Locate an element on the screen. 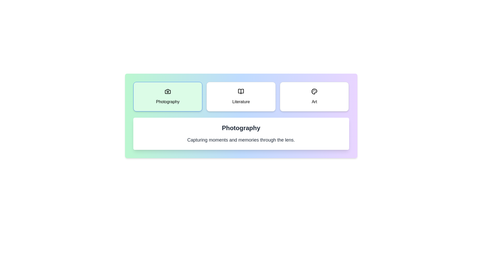 The image size is (498, 280). the artist's palette icon located at the center upper area of the Art card, which is the rightmost card in a row of three cards is located at coordinates (314, 91).